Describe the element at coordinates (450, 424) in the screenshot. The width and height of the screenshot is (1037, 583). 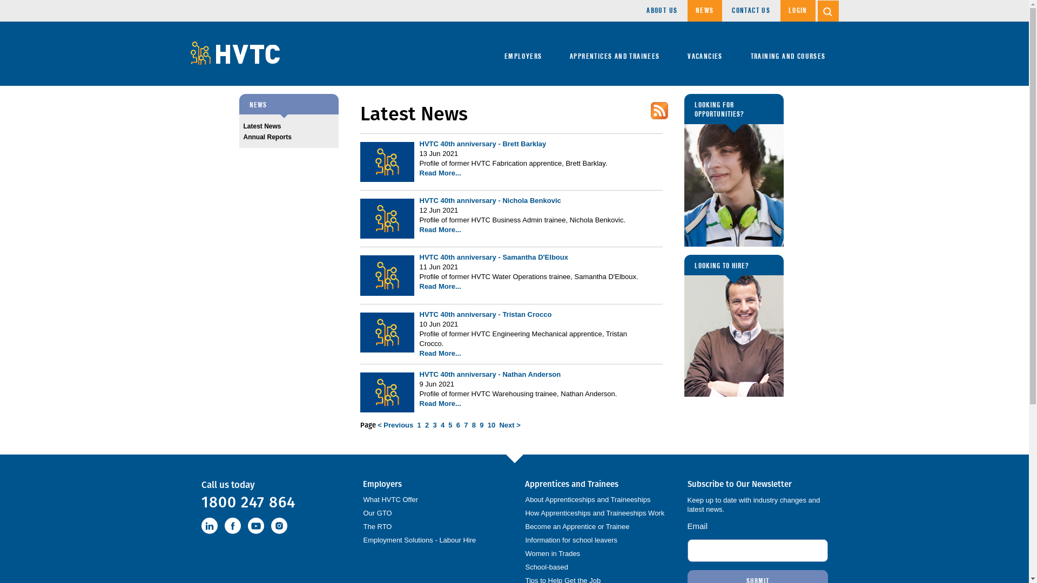
I see `'5'` at that location.